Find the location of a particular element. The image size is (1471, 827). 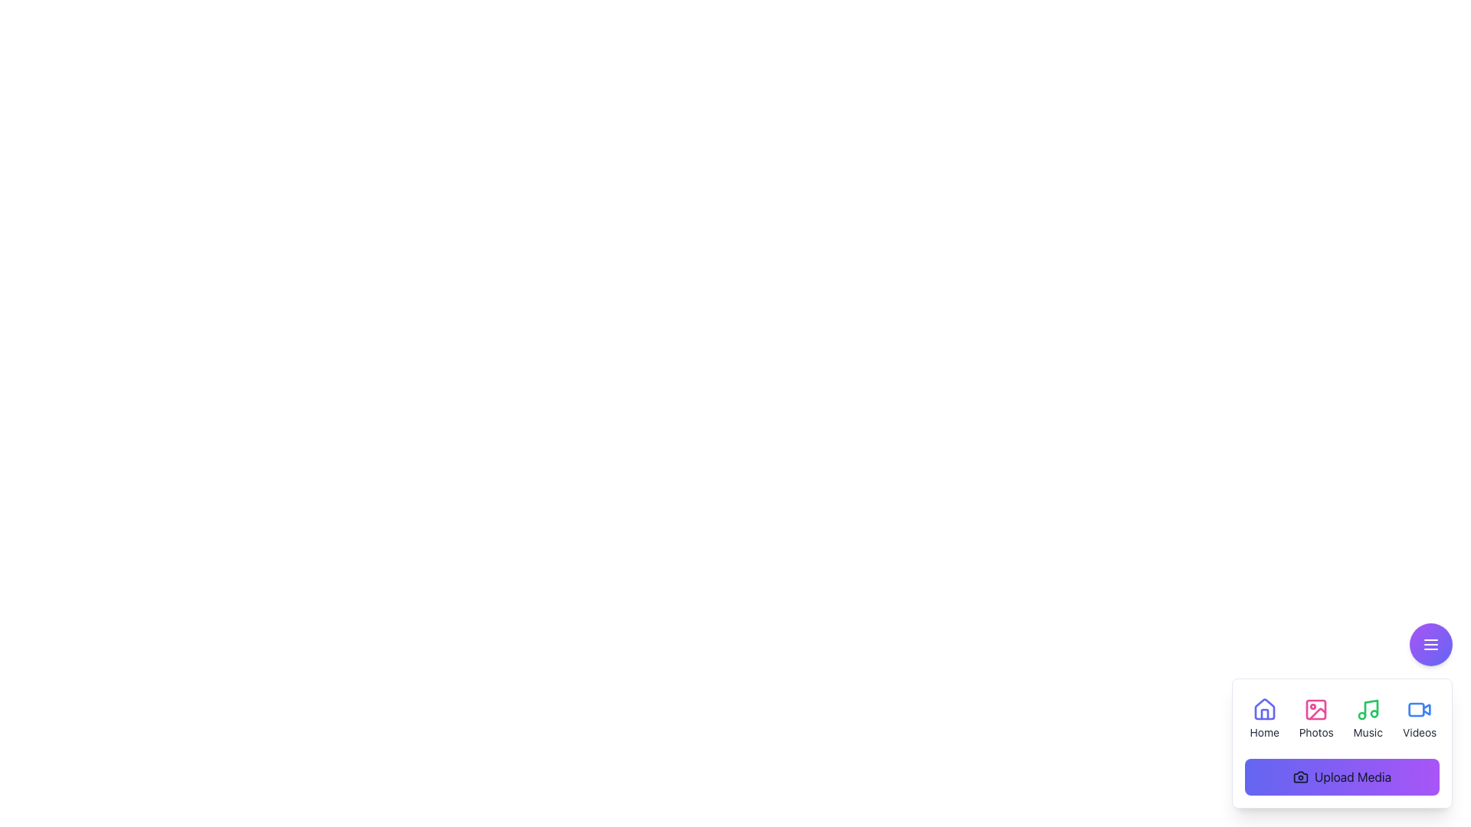

the button located at the bottom right of the interface, which is the fourth item in the grid layout after 'Home', 'Photos', and 'Music' is located at coordinates (1419, 718).